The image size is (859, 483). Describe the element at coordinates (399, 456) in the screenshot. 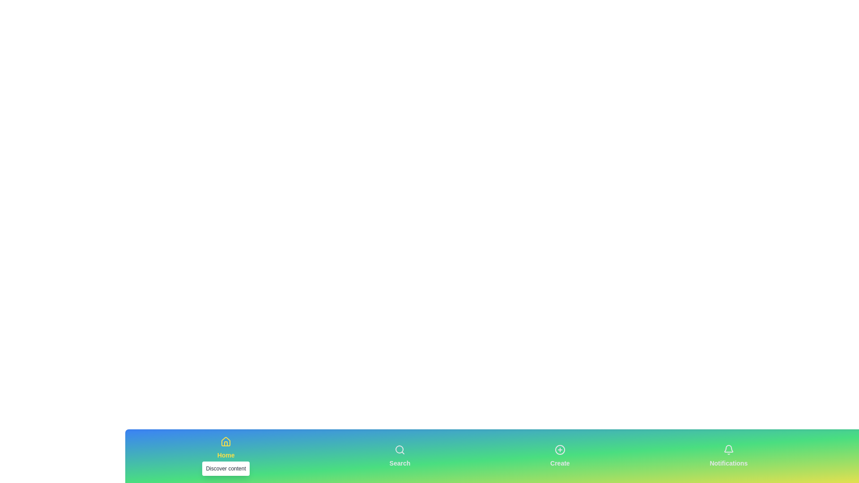

I see `the tab icon labeled 'Search' to observe the hover effect` at that location.